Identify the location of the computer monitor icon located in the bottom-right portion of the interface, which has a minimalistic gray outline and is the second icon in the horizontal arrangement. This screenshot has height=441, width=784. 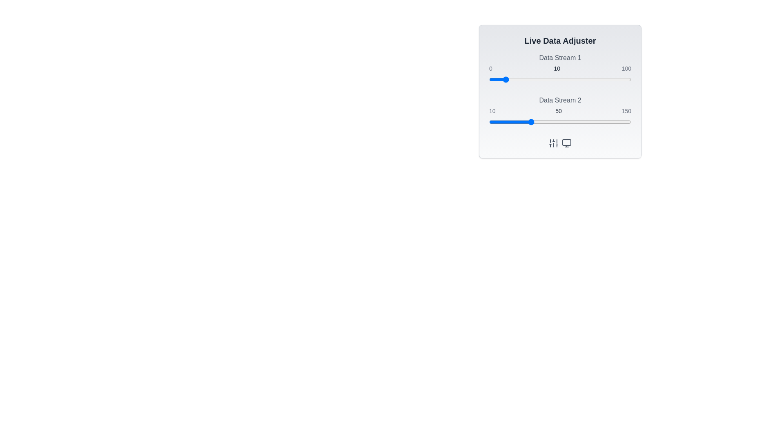
(566, 143).